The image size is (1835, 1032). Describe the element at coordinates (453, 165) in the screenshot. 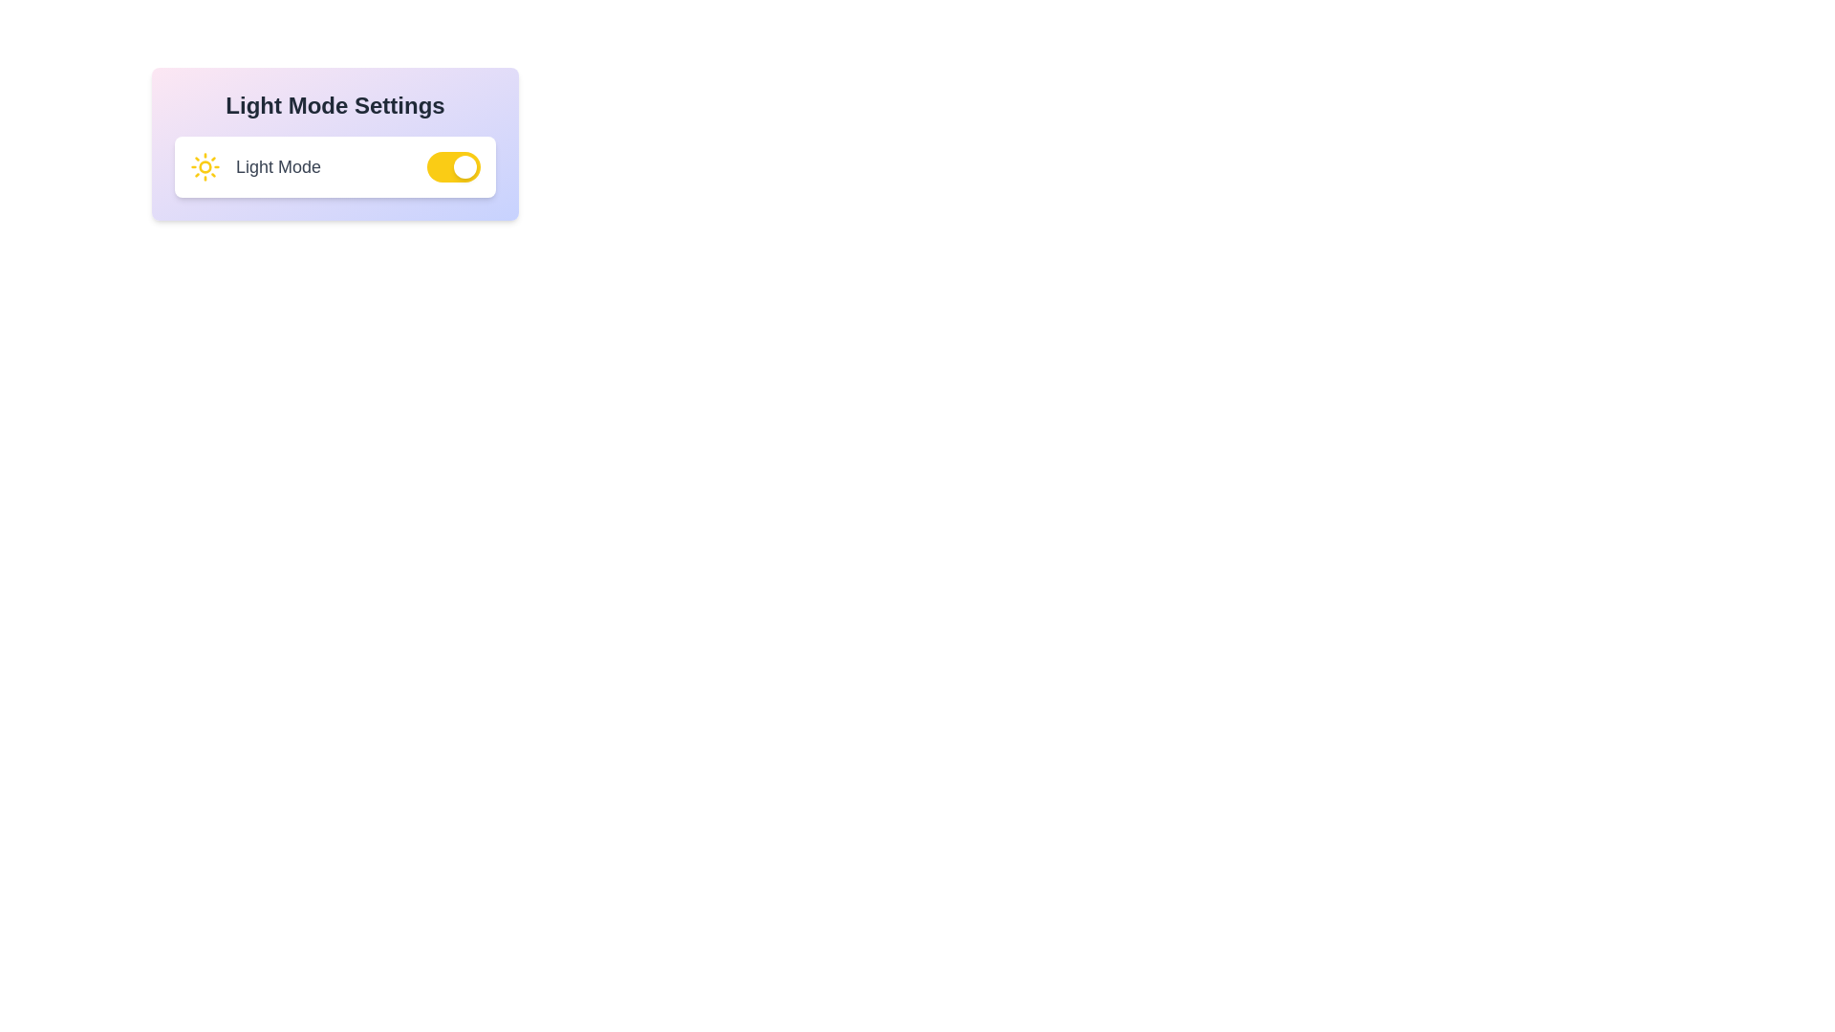

I see `the toggle switch to change the light mode` at that location.